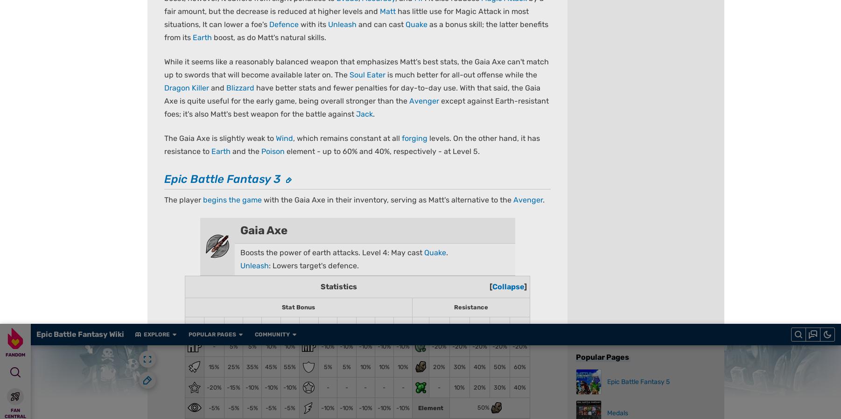 The image size is (841, 419). What do you see at coordinates (456, 411) in the screenshot?
I see `'Advertise'` at bounding box center [456, 411].